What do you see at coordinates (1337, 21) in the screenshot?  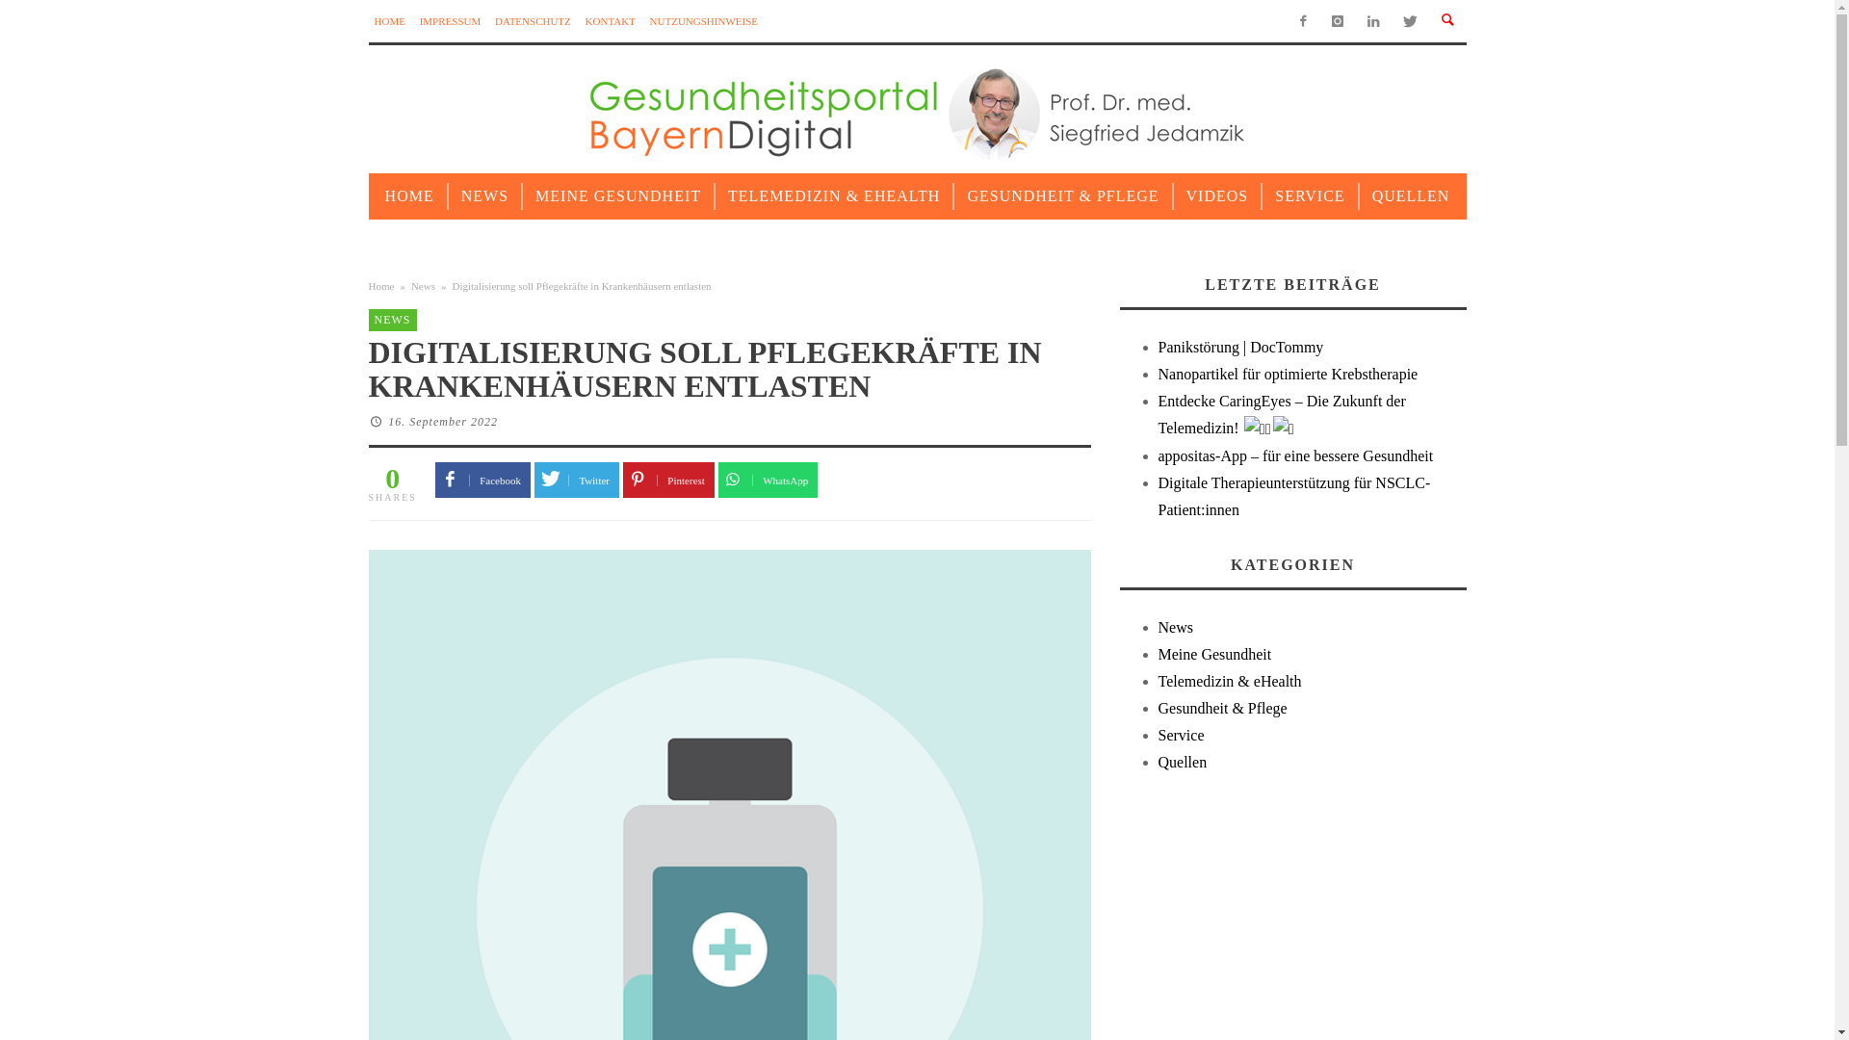 I see `'Instagram'` at bounding box center [1337, 21].